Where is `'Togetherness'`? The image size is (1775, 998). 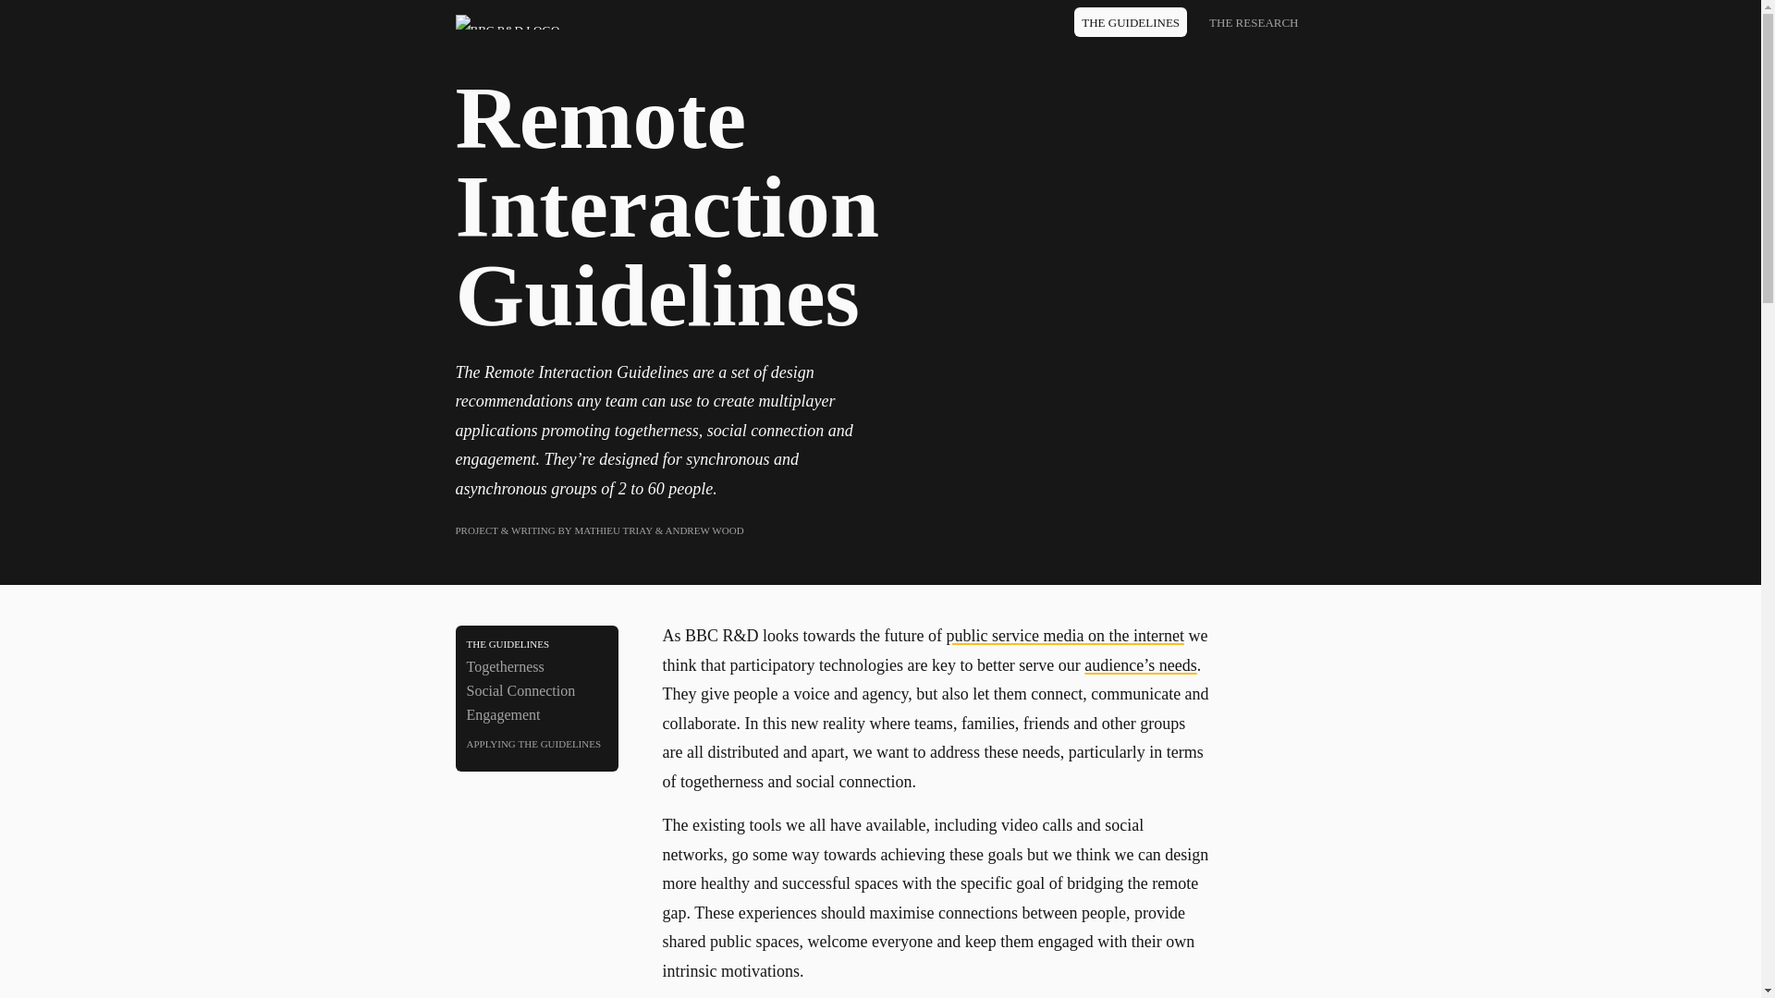
'Togetherness' is located at coordinates (535, 666).